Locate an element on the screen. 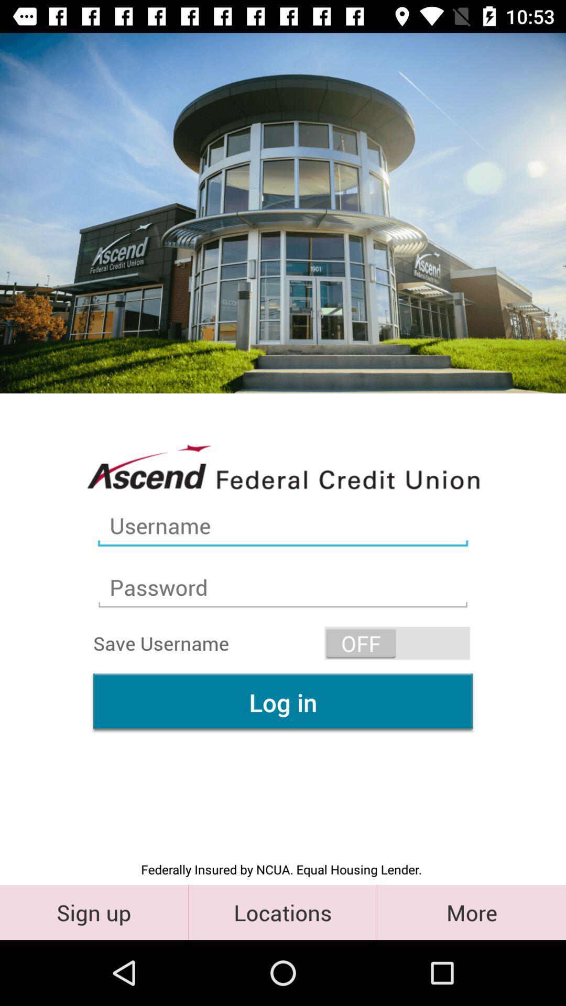  more at the bottom right corner is located at coordinates (471, 912).